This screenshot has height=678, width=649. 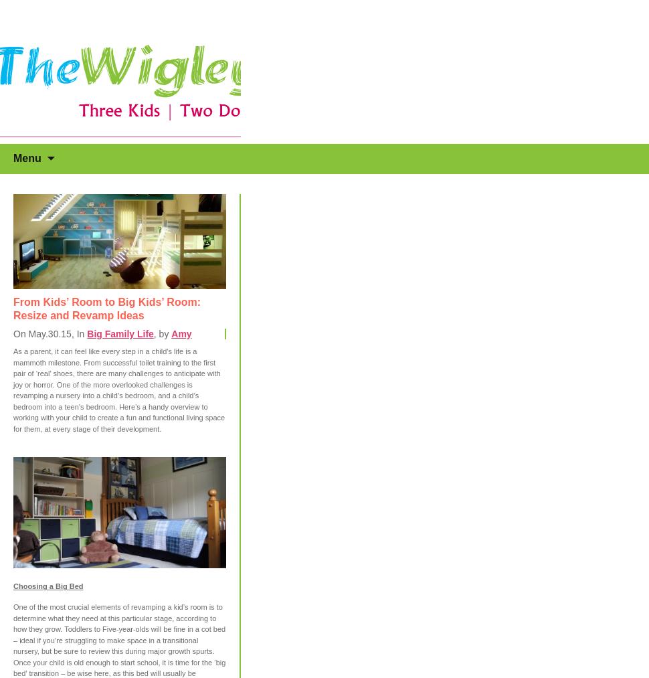 I want to click on 'The Wigley Family:  One from Boston, one from Birmigham and 2 more beside!', so click(x=112, y=44).